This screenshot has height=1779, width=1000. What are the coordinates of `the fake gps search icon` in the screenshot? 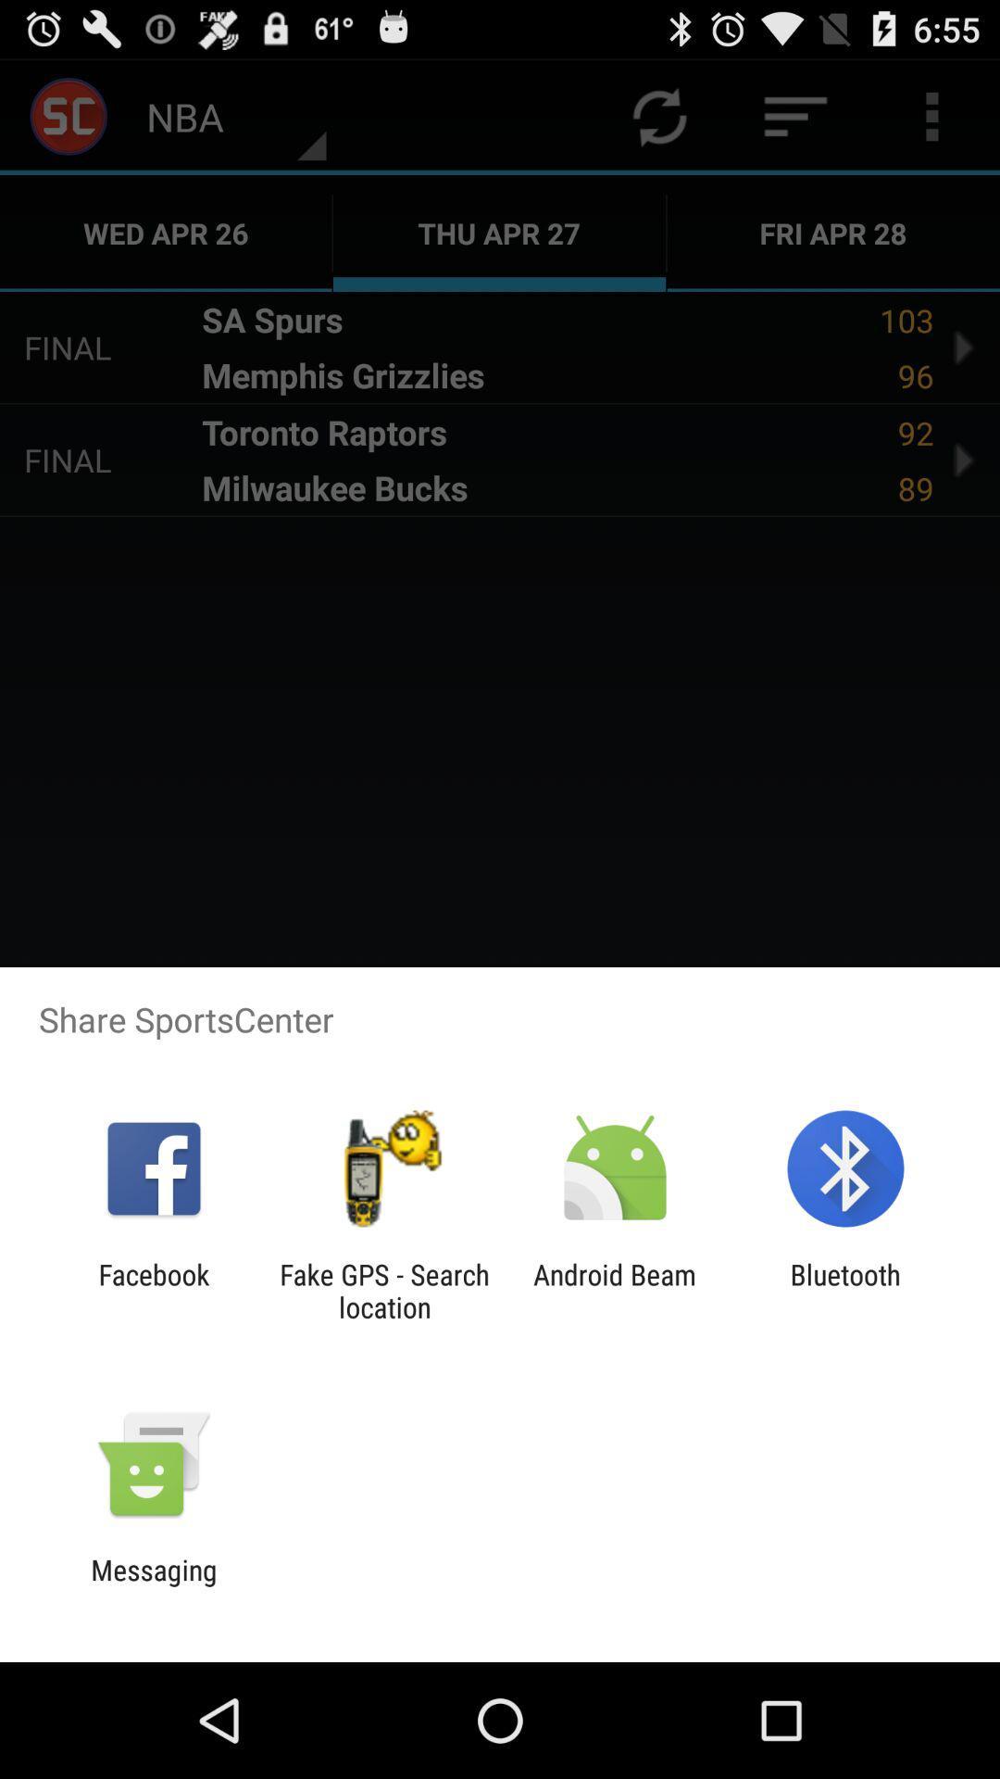 It's located at (383, 1290).